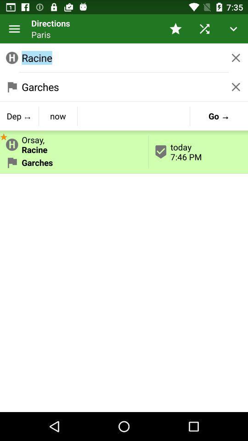 This screenshot has width=248, height=441. I want to click on item above the garches icon, so click(73, 143).